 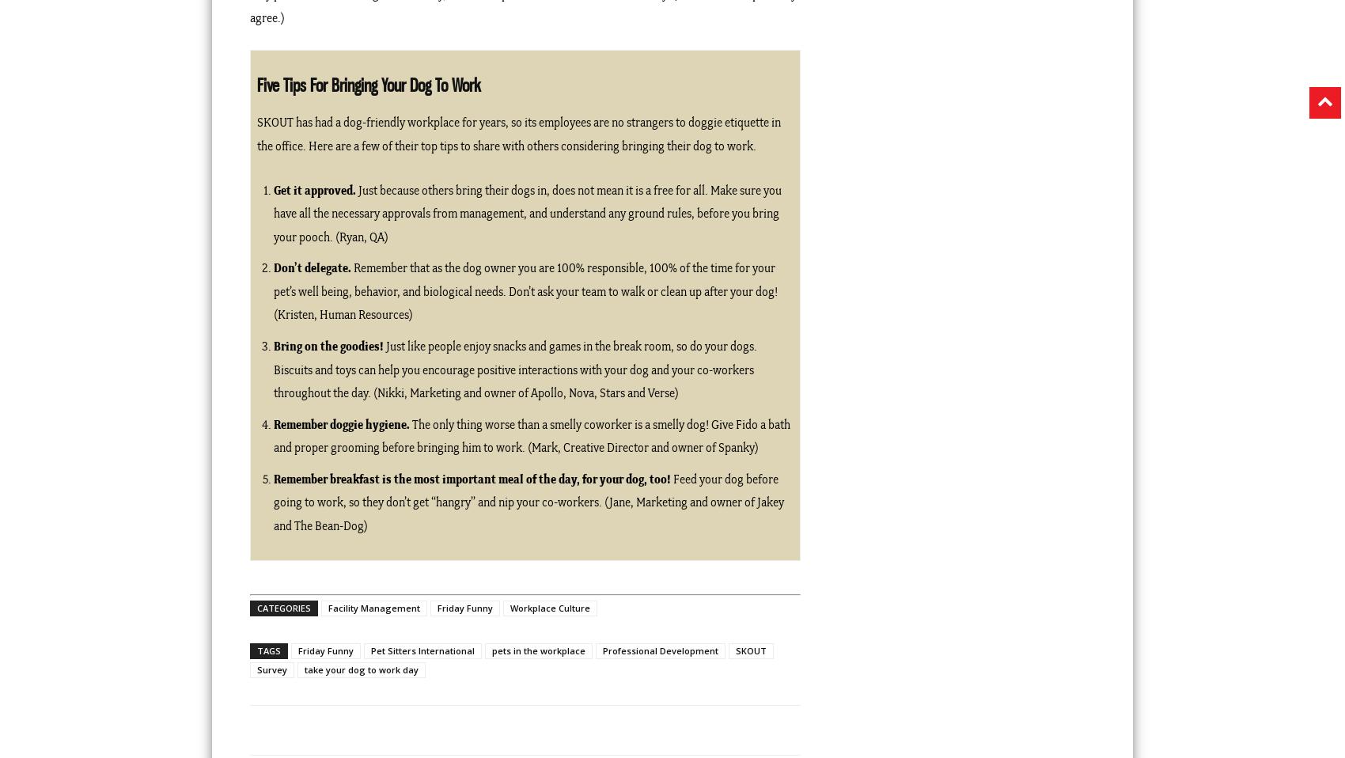 What do you see at coordinates (570, 346) in the screenshot?
I see `'Just like people enjoy snacks and games in the break room, so do your dogs.'` at bounding box center [570, 346].